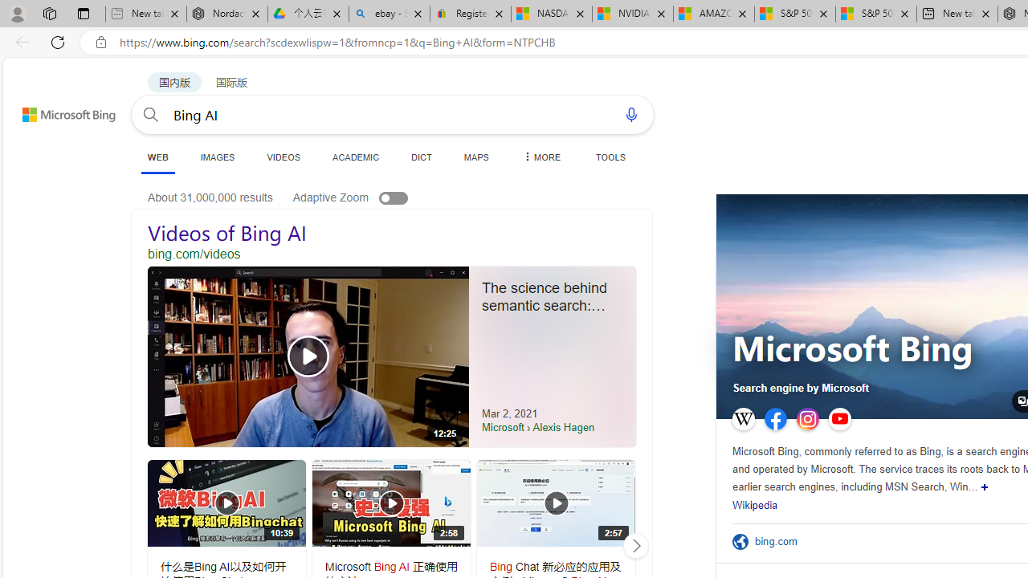 Image resolution: width=1028 pixels, height=578 pixels. I want to click on 'TOOLS', so click(610, 157).